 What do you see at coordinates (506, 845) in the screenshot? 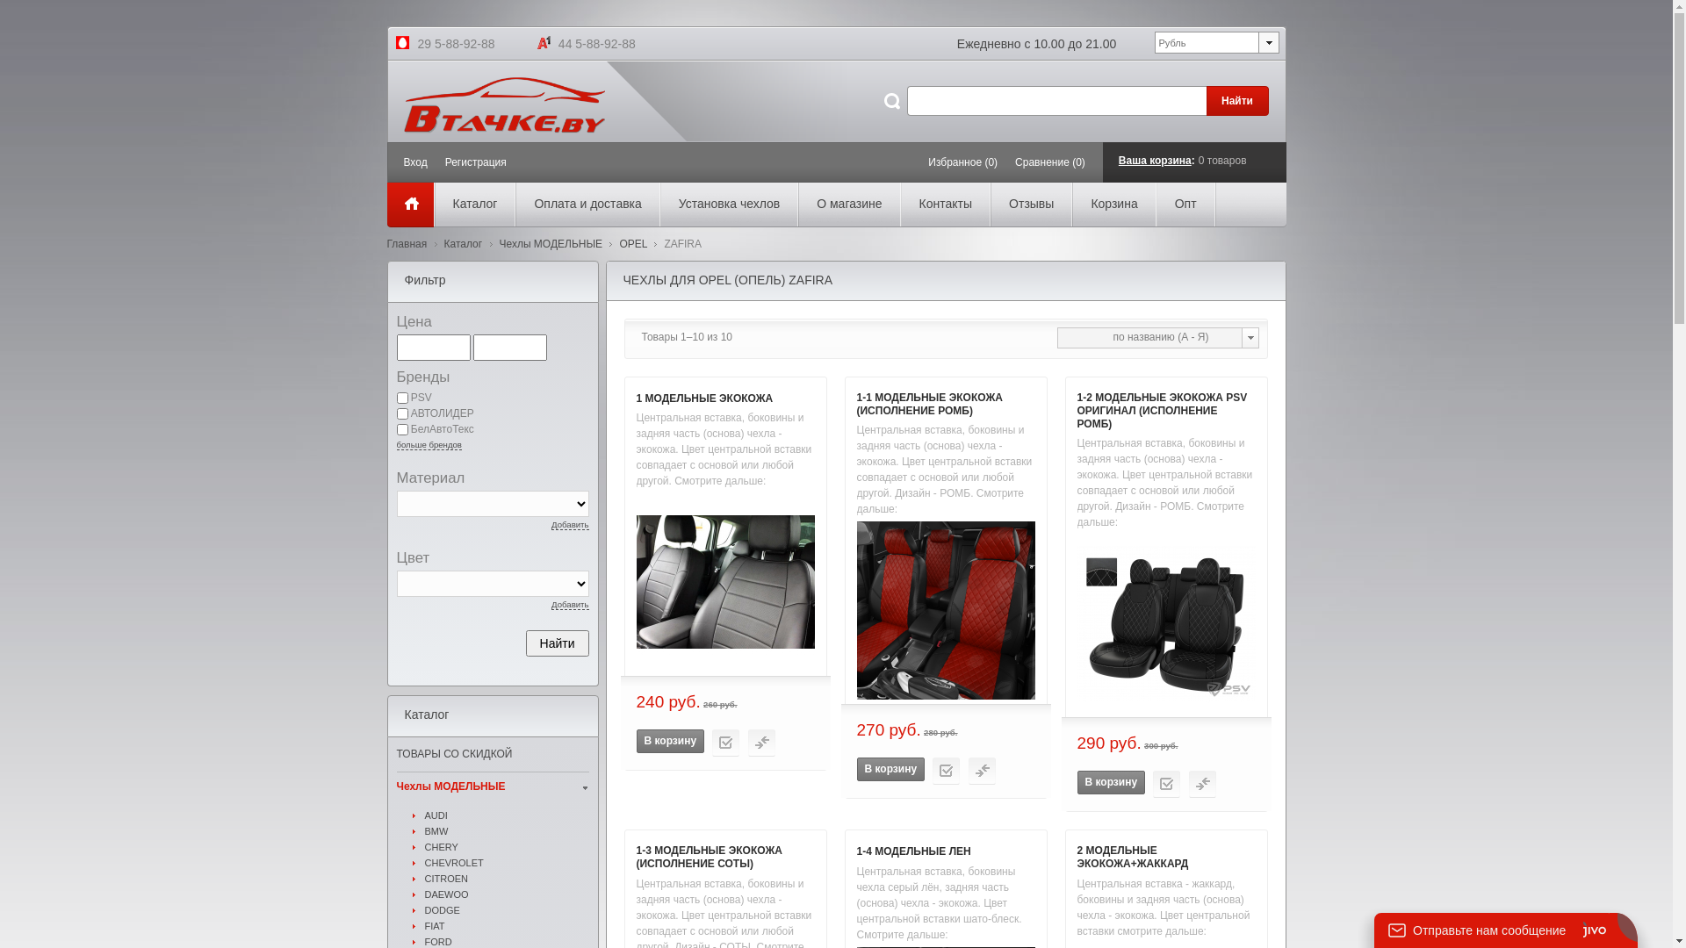
I see `'CHERY'` at bounding box center [506, 845].